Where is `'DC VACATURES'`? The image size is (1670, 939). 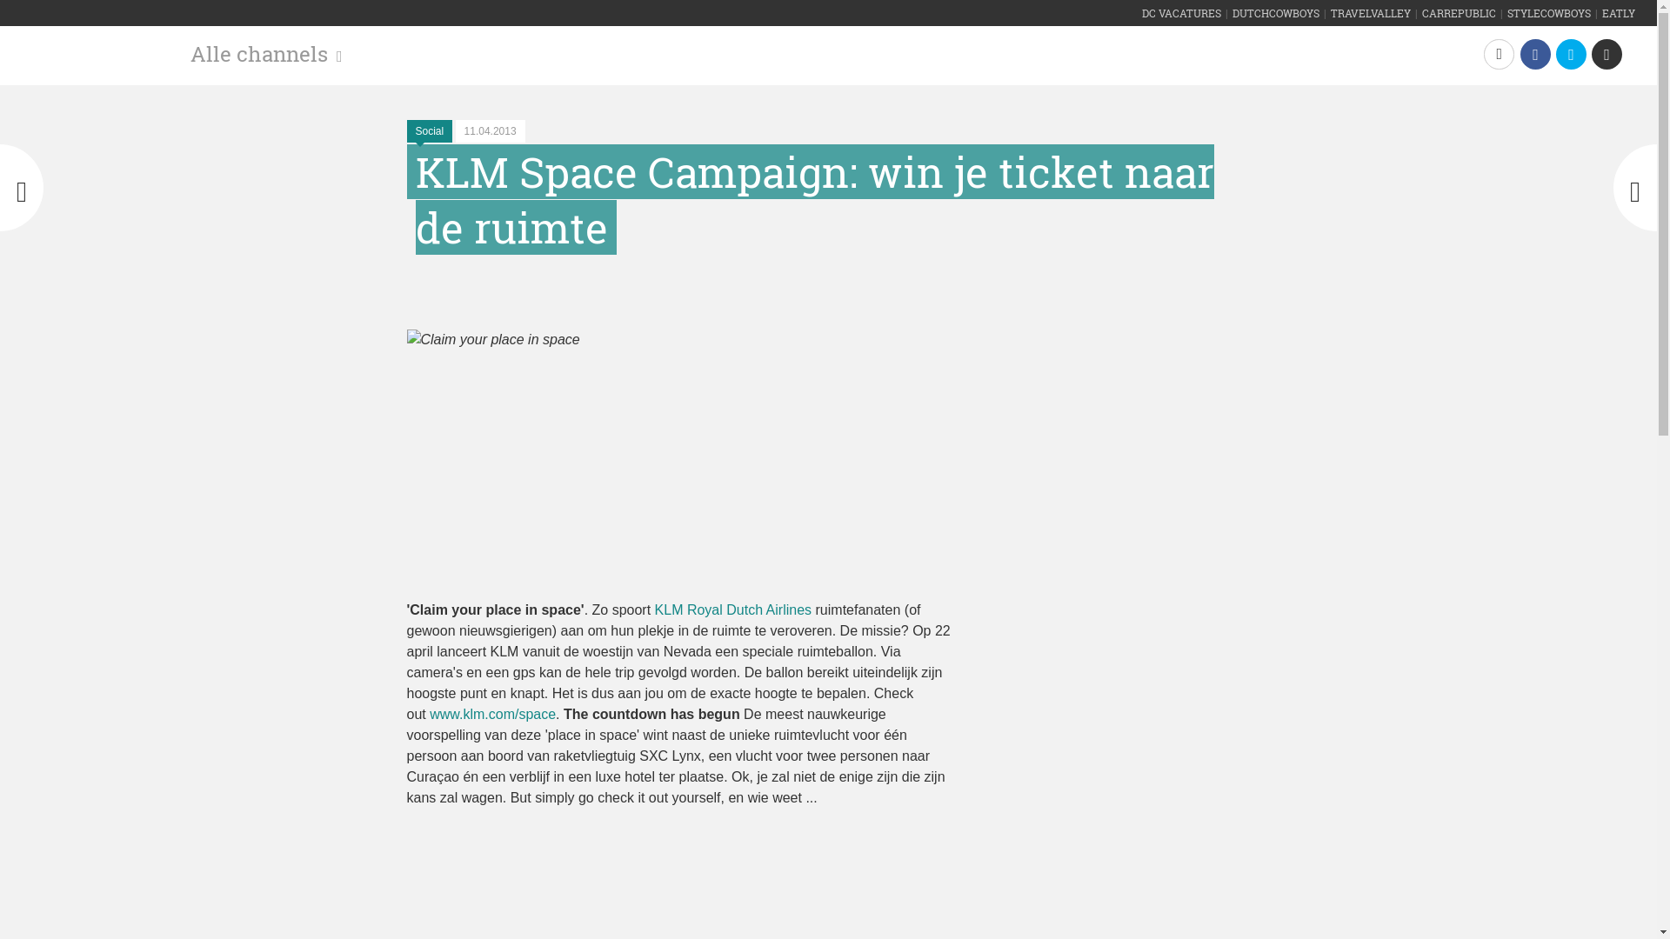 'DC VACATURES' is located at coordinates (1181, 13).